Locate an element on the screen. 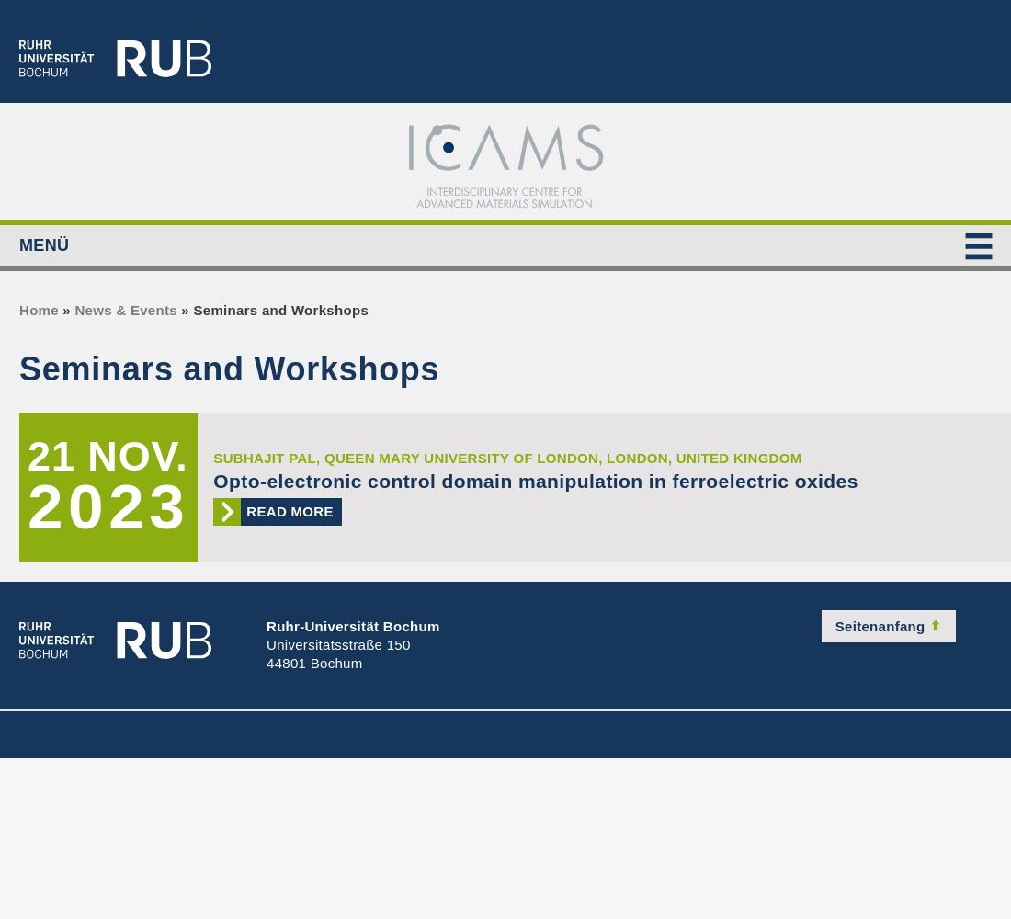  'Opto-electronic control domain manipulation in ferroelectric oxides' is located at coordinates (212, 481).